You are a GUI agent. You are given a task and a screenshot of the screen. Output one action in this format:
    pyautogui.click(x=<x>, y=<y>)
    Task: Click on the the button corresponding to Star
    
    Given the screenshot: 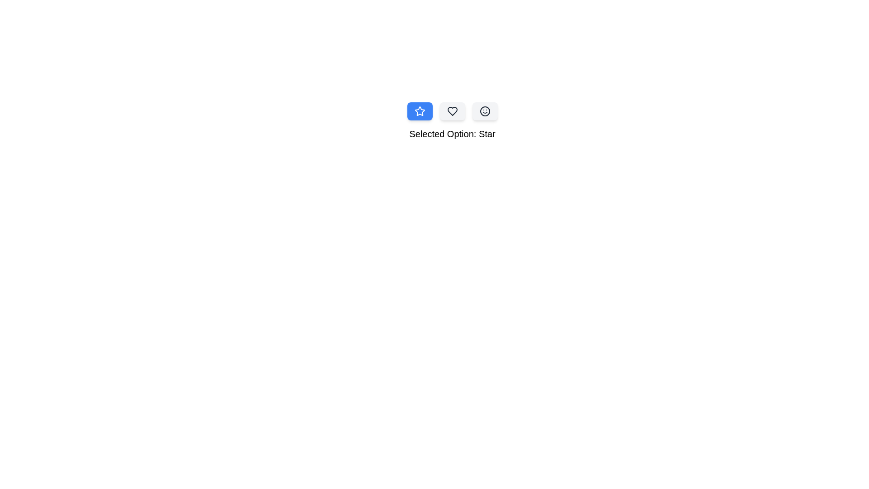 What is the action you would take?
    pyautogui.click(x=419, y=111)
    